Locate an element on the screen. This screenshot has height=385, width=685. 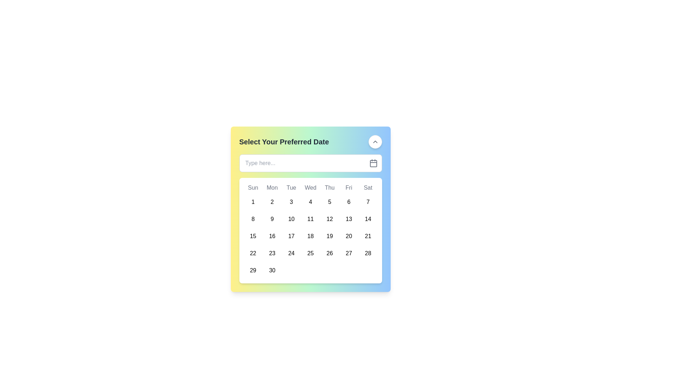
the button representing the 26th day of the month in the calendar grid under the 'Thu' column is located at coordinates (329, 253).